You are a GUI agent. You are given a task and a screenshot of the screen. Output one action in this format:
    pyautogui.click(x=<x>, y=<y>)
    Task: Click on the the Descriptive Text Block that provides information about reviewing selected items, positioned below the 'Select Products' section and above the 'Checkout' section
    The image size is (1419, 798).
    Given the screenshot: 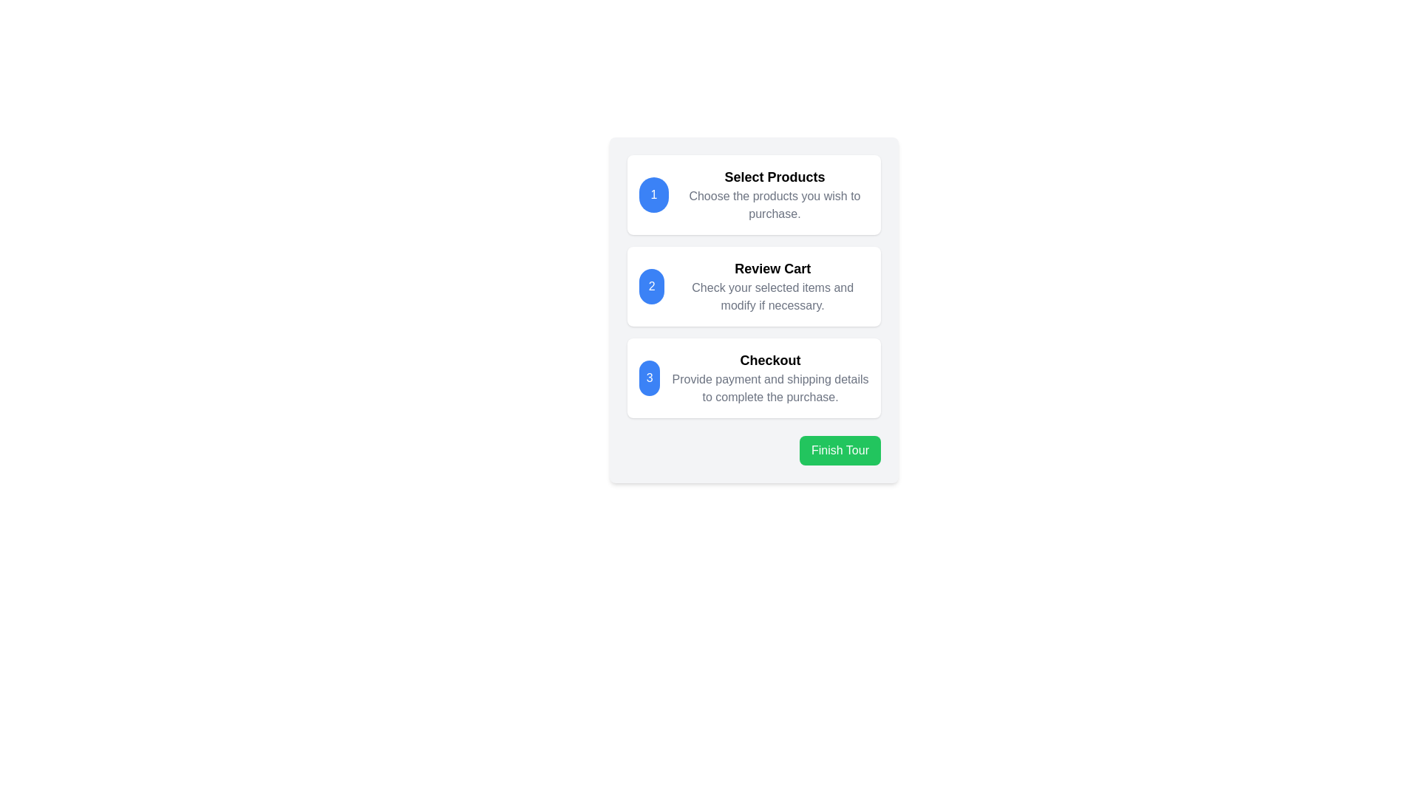 What is the action you would take?
    pyautogui.click(x=772, y=287)
    